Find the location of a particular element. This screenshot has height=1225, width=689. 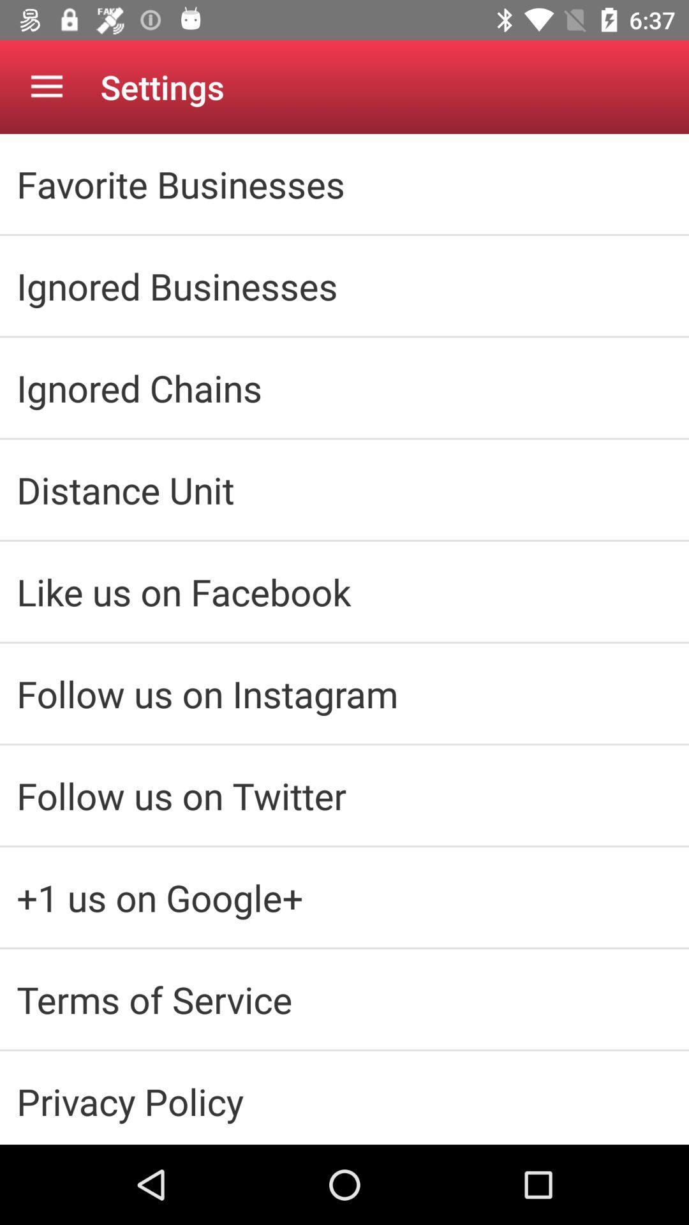

the item below the terms of service icon is located at coordinates (344, 1101).